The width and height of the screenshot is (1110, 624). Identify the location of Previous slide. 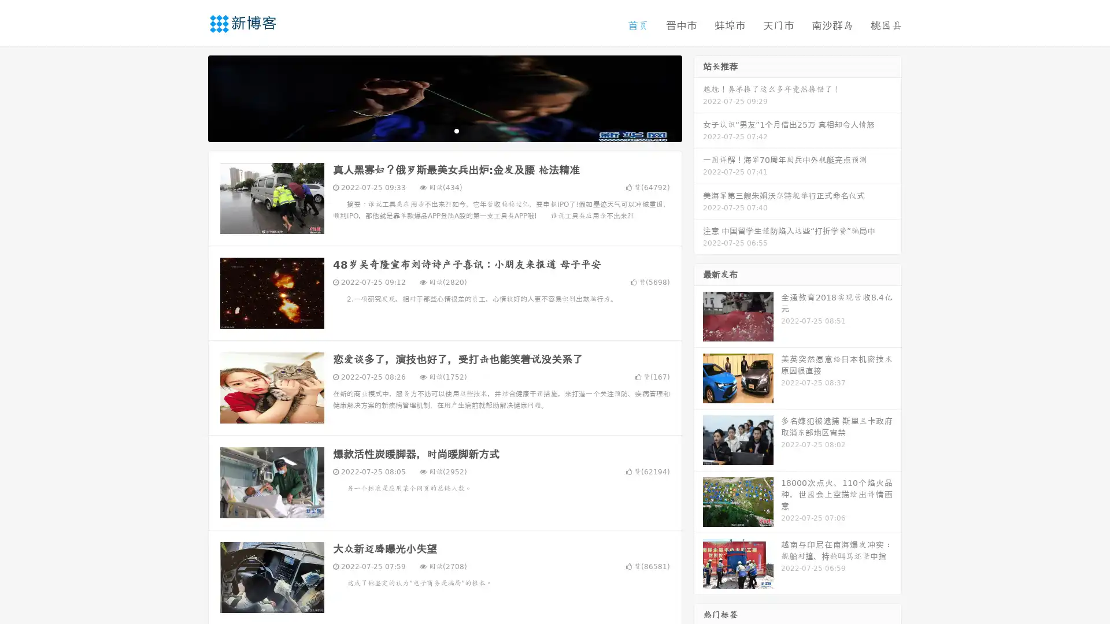
(191, 97).